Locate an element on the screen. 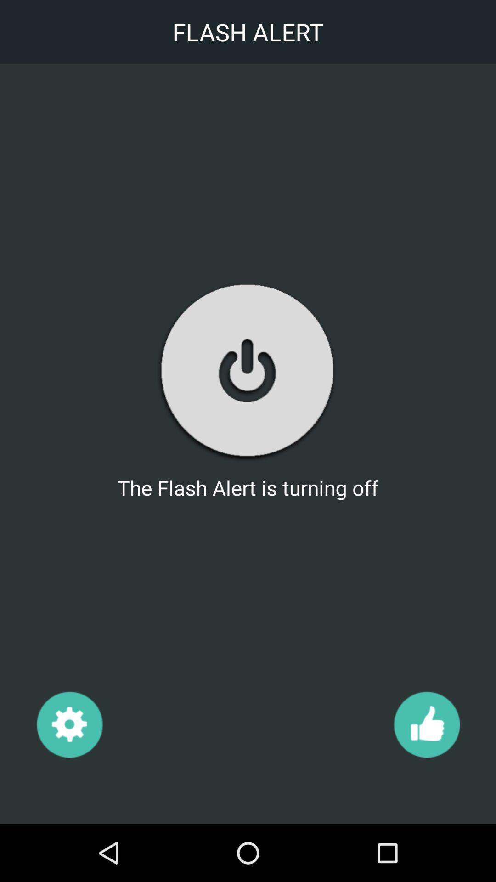 Image resolution: width=496 pixels, height=882 pixels. icon below flash alert icon is located at coordinates (69, 724).